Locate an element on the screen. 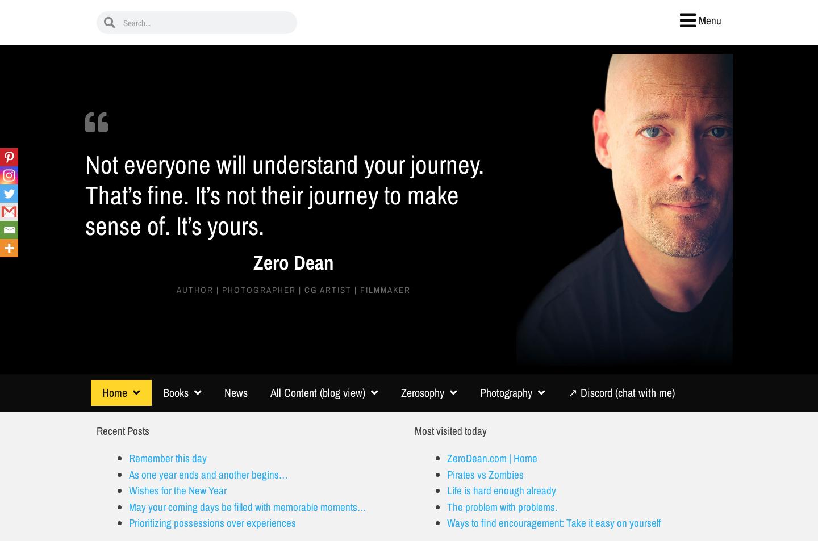  'Prioritizing possessions over experiences' is located at coordinates (211, 522).